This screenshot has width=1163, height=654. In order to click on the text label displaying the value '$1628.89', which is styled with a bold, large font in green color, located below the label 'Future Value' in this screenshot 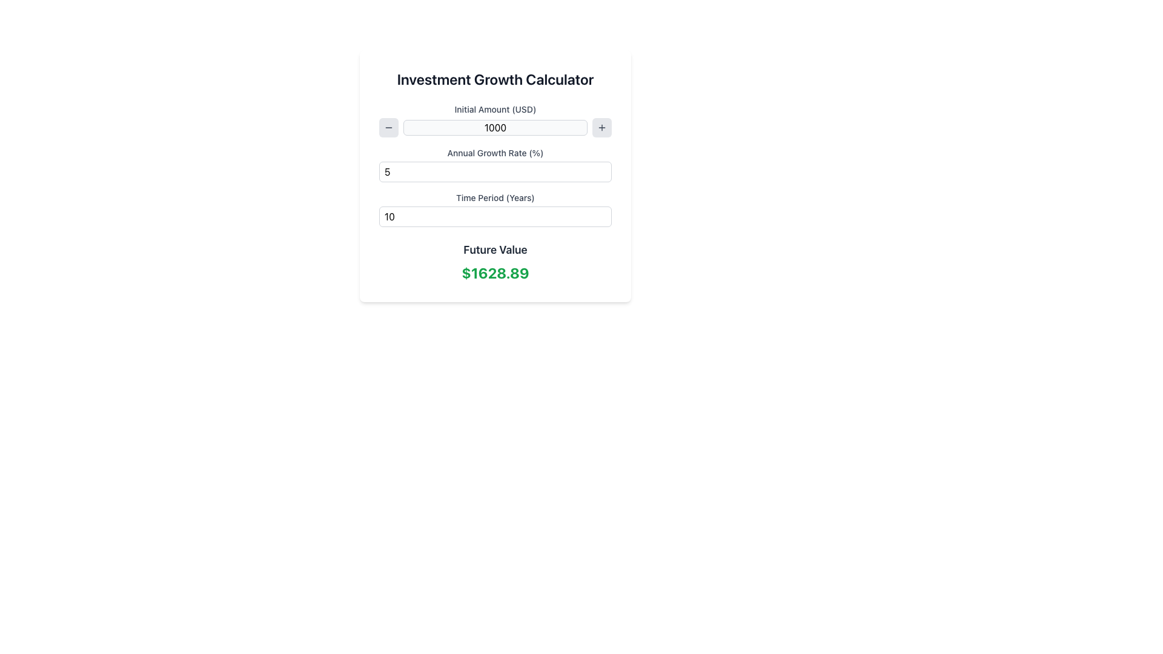, I will do `click(495, 273)`.